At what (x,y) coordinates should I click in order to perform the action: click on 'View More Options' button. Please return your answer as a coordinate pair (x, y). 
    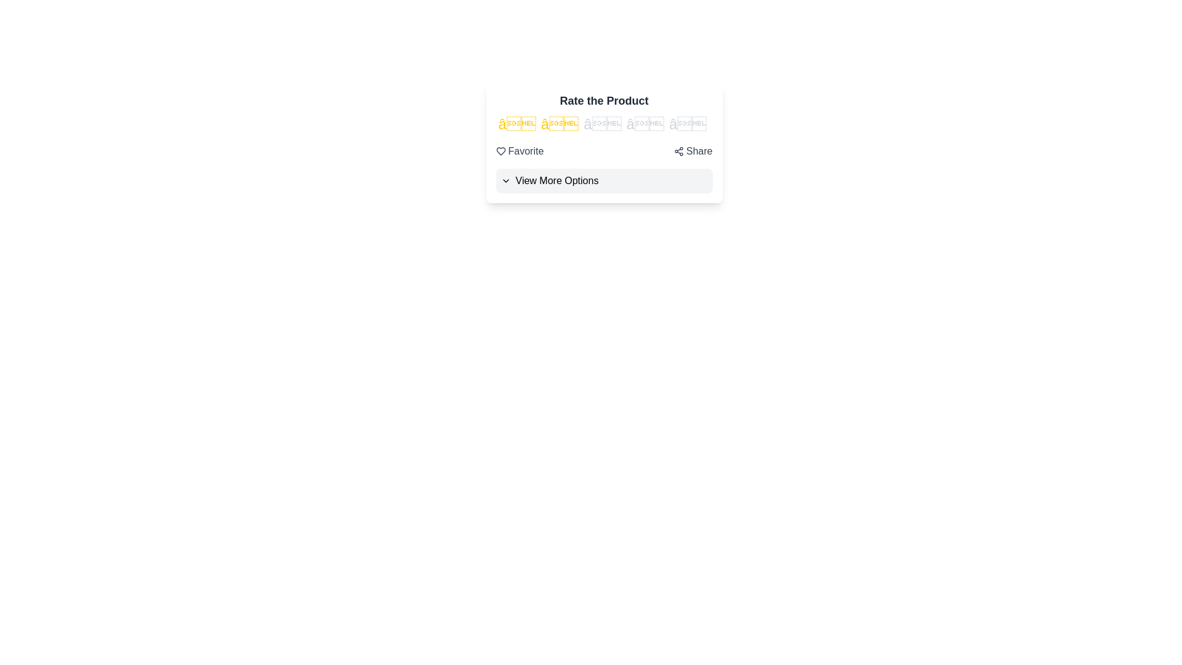
    Looking at the image, I should click on (604, 180).